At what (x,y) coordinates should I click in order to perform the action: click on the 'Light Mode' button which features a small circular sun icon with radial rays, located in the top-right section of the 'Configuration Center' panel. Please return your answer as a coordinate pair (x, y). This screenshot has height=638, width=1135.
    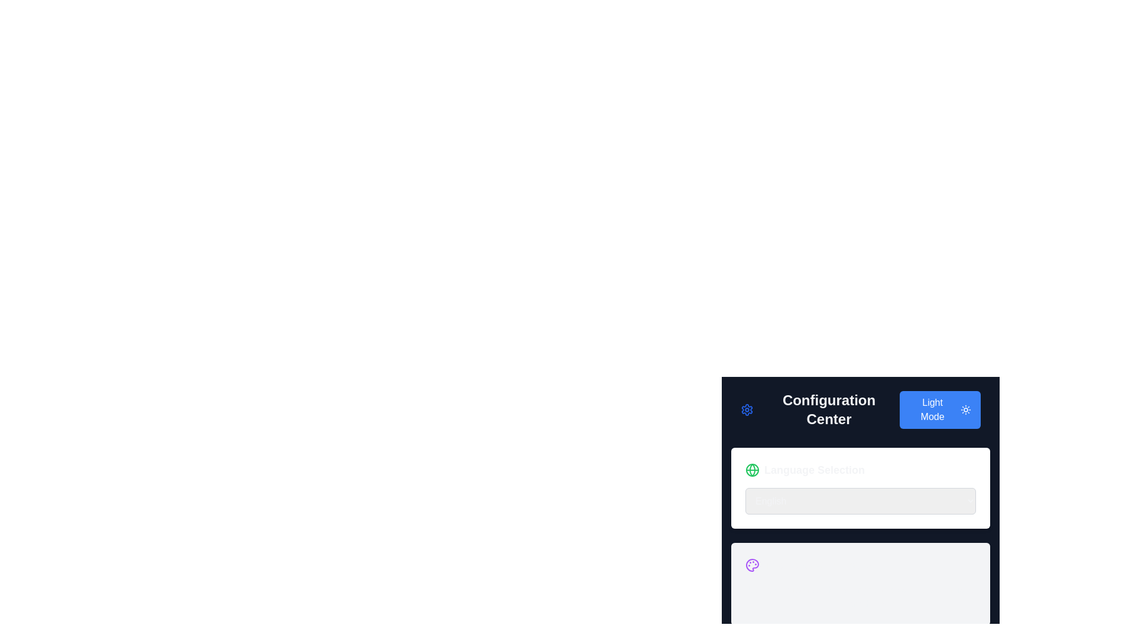
    Looking at the image, I should click on (966, 409).